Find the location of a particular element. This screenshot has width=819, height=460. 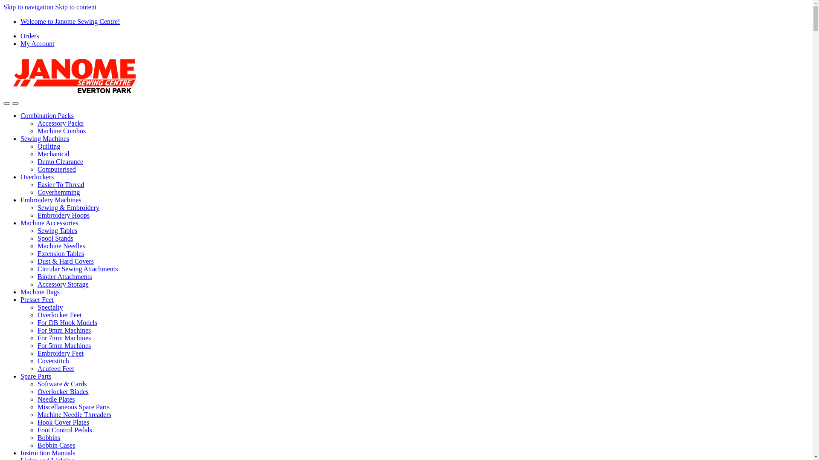

'For DB Hook Models' is located at coordinates (37, 322).